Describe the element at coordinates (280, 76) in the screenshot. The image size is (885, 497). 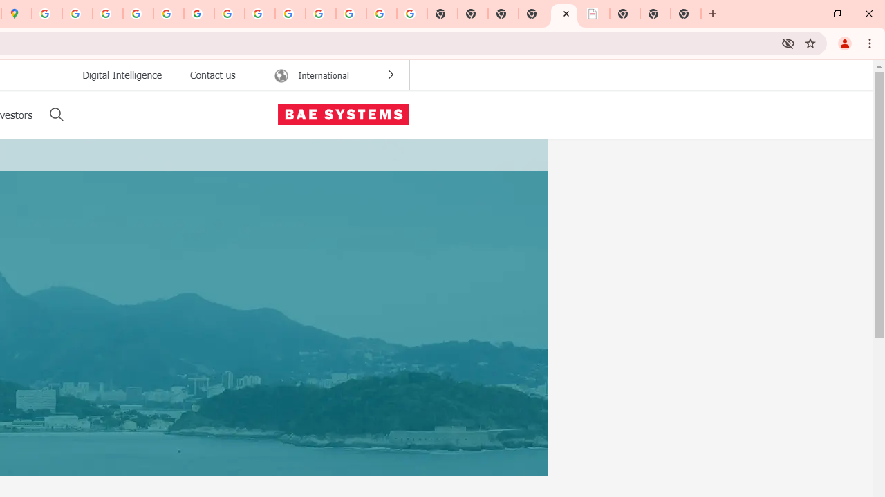
I see `' International Region Icon'` at that location.